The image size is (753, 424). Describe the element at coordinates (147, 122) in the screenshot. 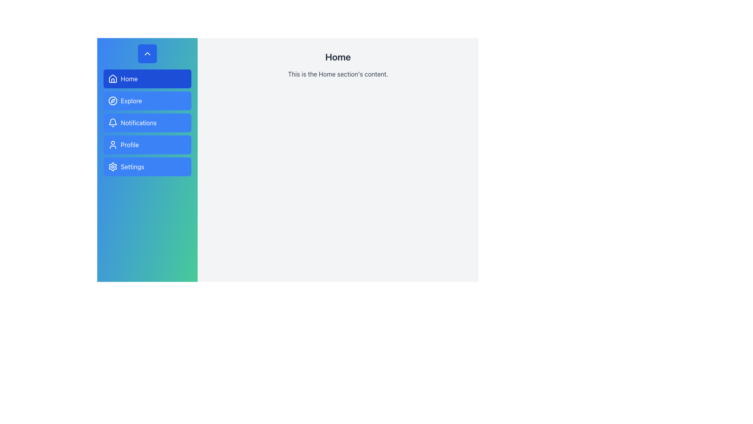

I see `the third button in the sidebar menu, which navigates to the Notifications section` at that location.